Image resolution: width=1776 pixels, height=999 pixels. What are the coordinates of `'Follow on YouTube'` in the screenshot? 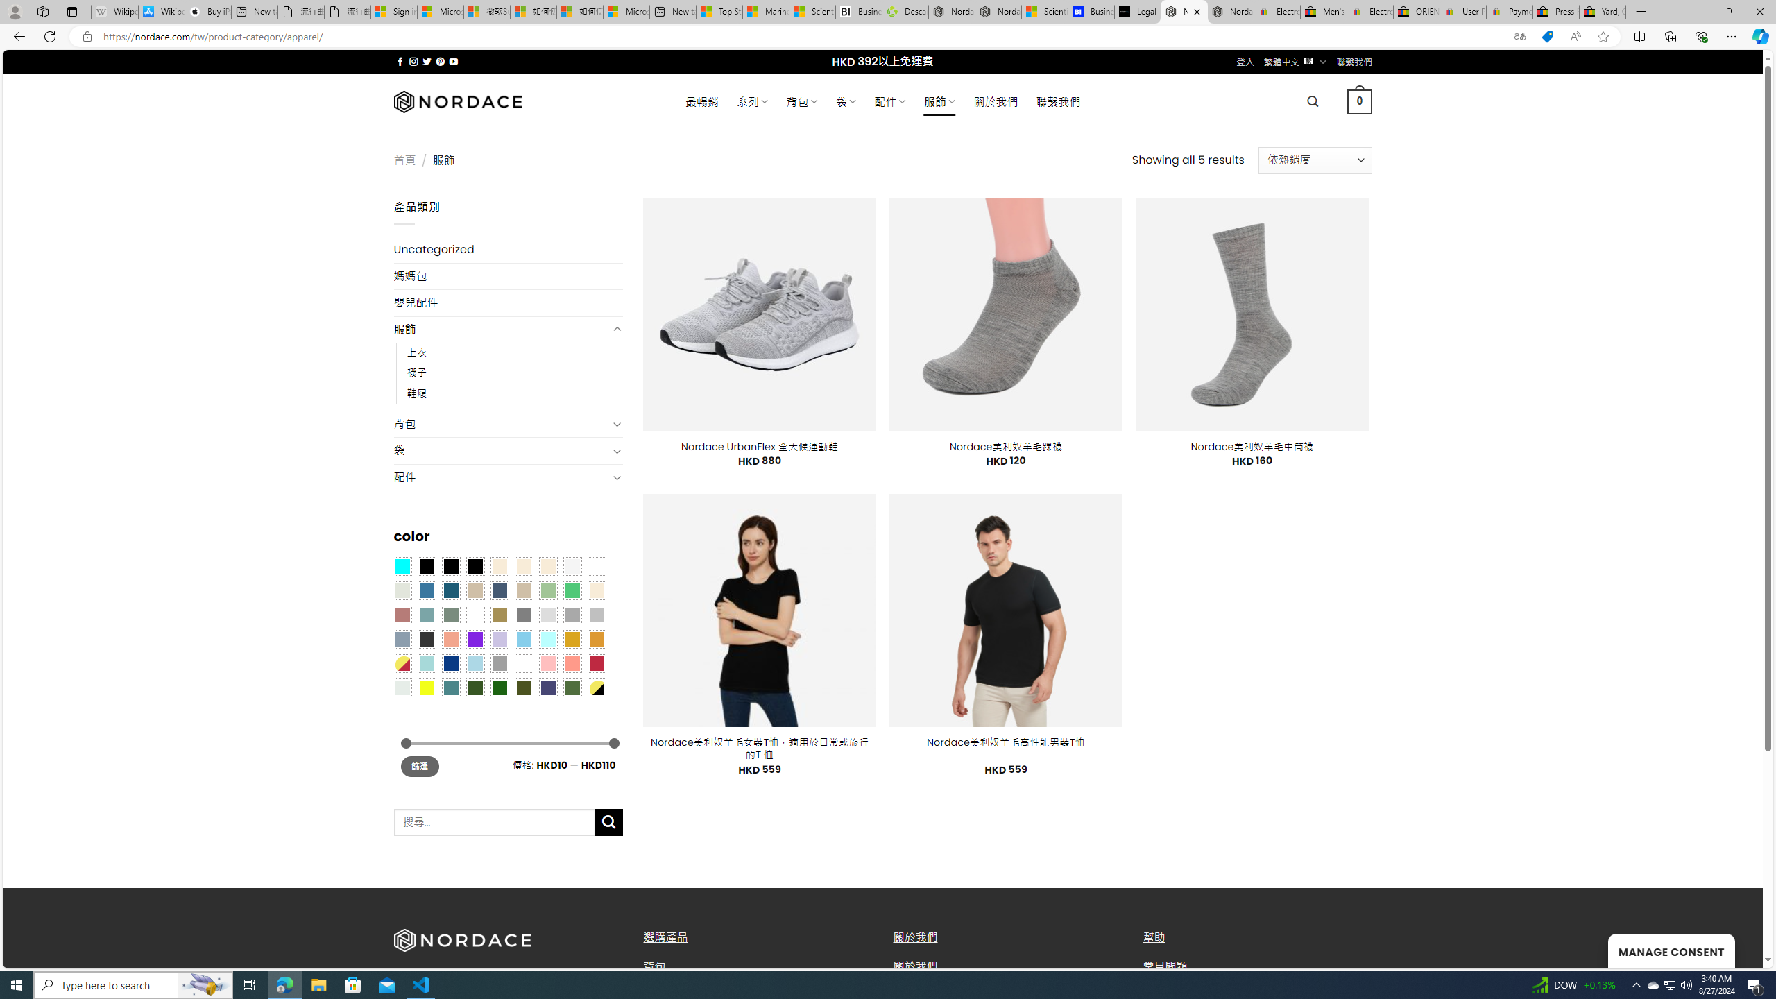 It's located at (453, 61).